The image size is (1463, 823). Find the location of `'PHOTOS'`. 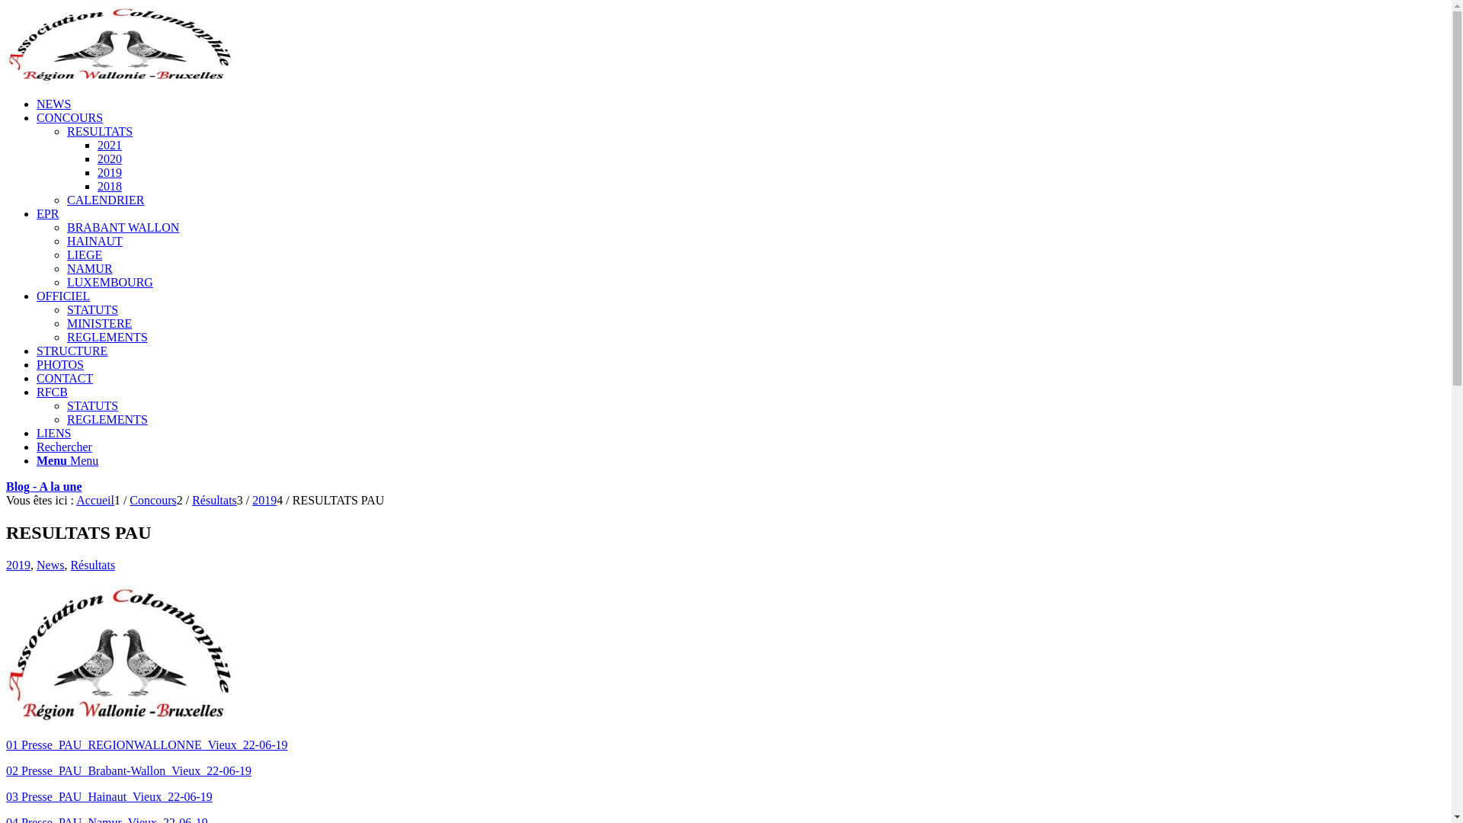

'PHOTOS' is located at coordinates (59, 364).